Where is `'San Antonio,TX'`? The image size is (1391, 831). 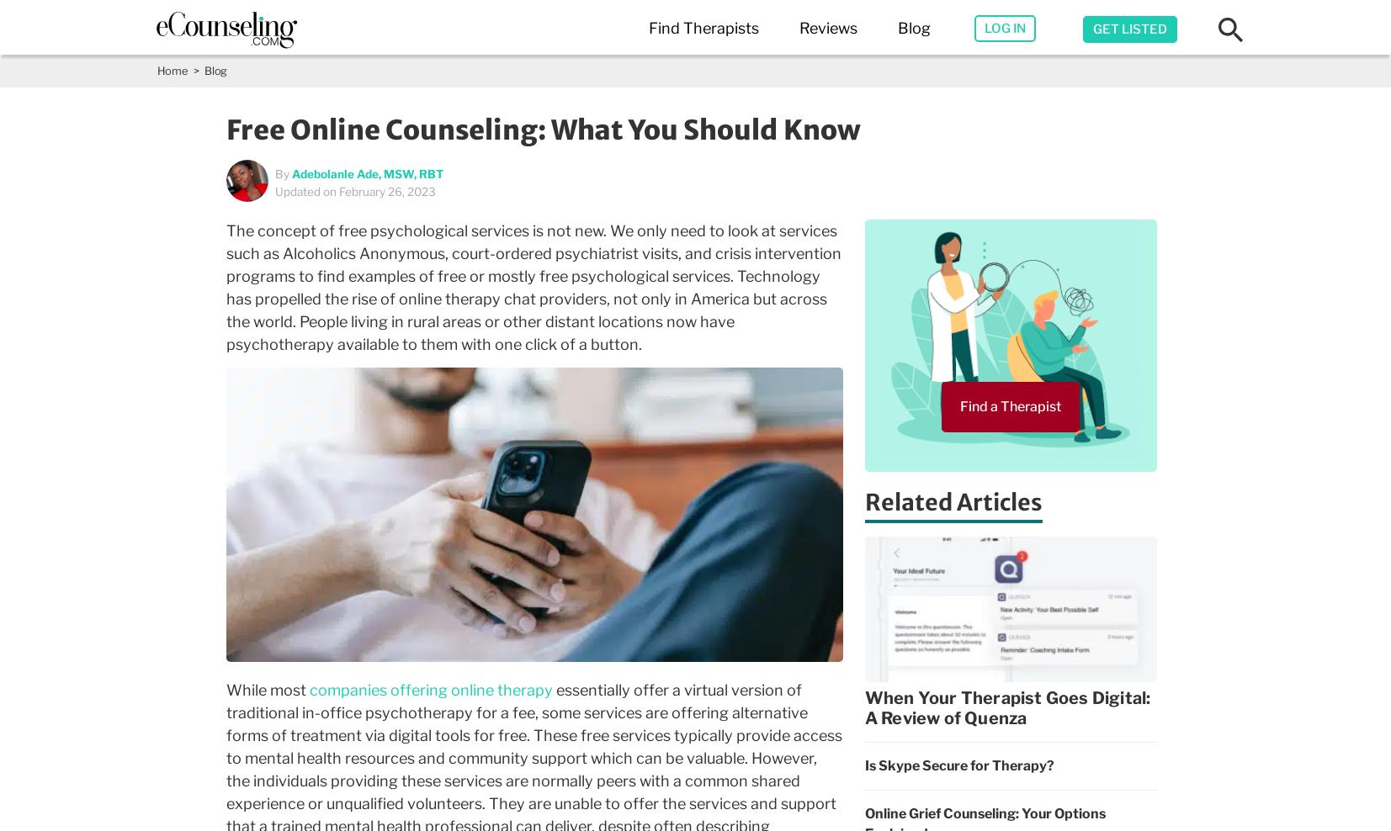 'San Antonio,TX' is located at coordinates (505, 640).